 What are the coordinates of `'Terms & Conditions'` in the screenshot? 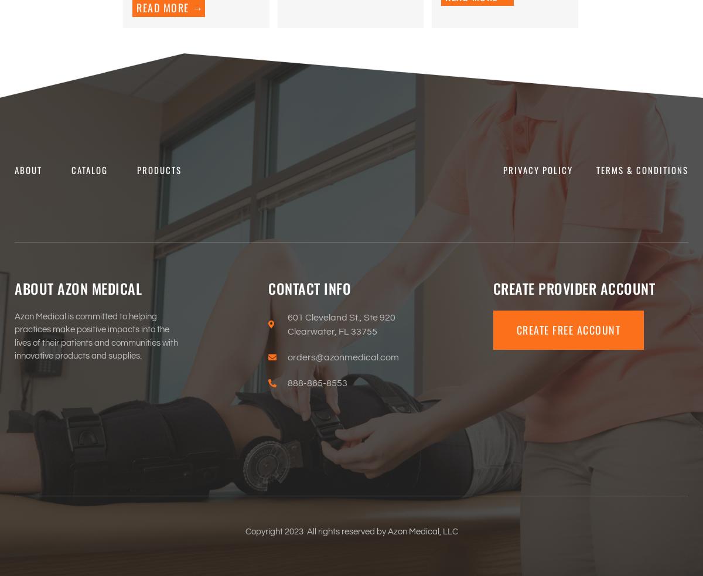 It's located at (641, 169).